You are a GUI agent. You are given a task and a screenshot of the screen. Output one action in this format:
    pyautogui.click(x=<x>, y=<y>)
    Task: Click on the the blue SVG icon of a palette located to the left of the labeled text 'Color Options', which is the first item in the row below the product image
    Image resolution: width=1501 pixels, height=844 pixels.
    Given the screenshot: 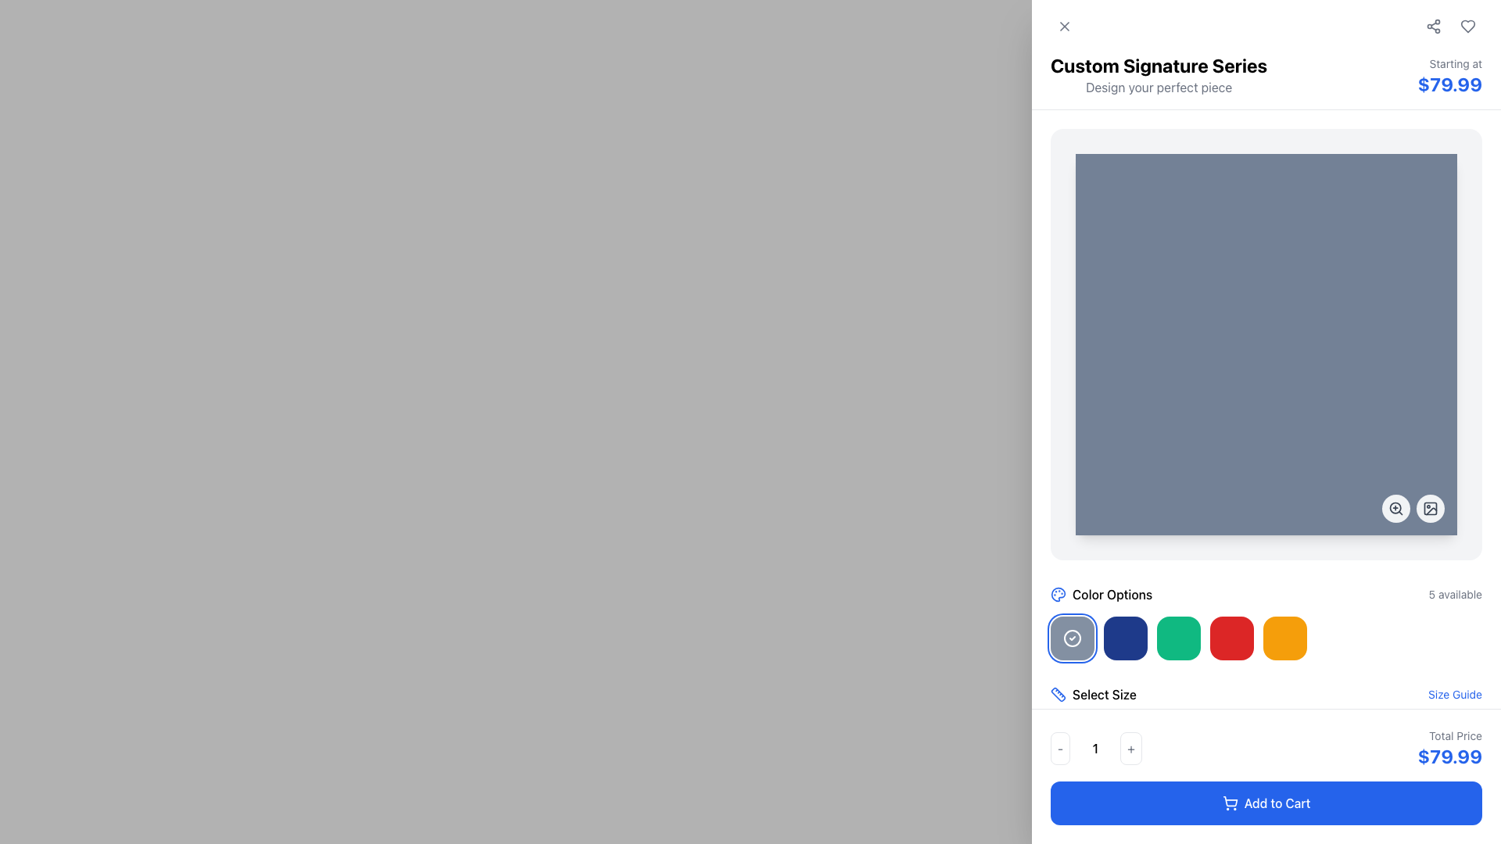 What is the action you would take?
    pyautogui.click(x=1058, y=594)
    